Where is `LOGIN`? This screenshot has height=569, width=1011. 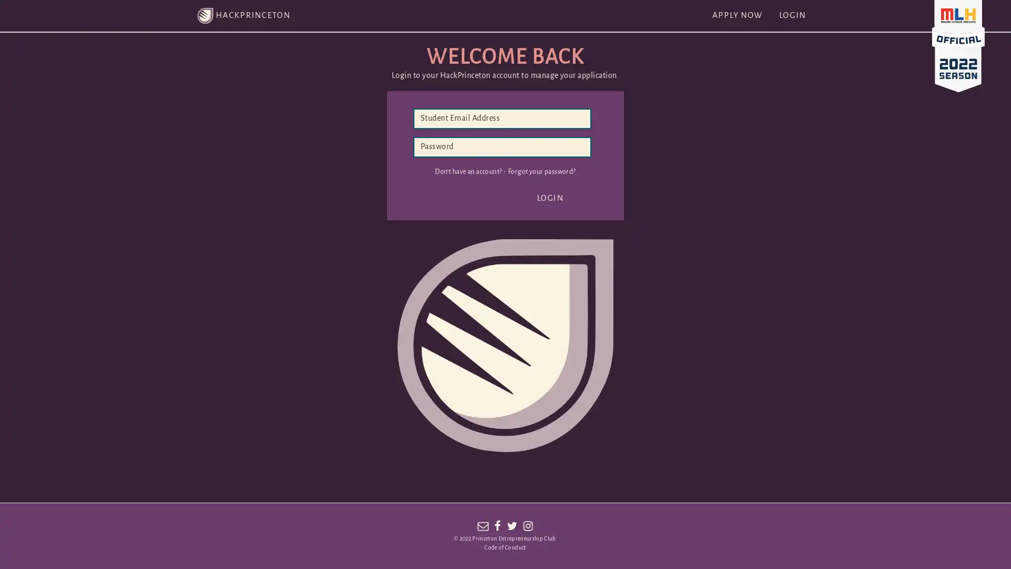
LOGIN is located at coordinates (550, 198).